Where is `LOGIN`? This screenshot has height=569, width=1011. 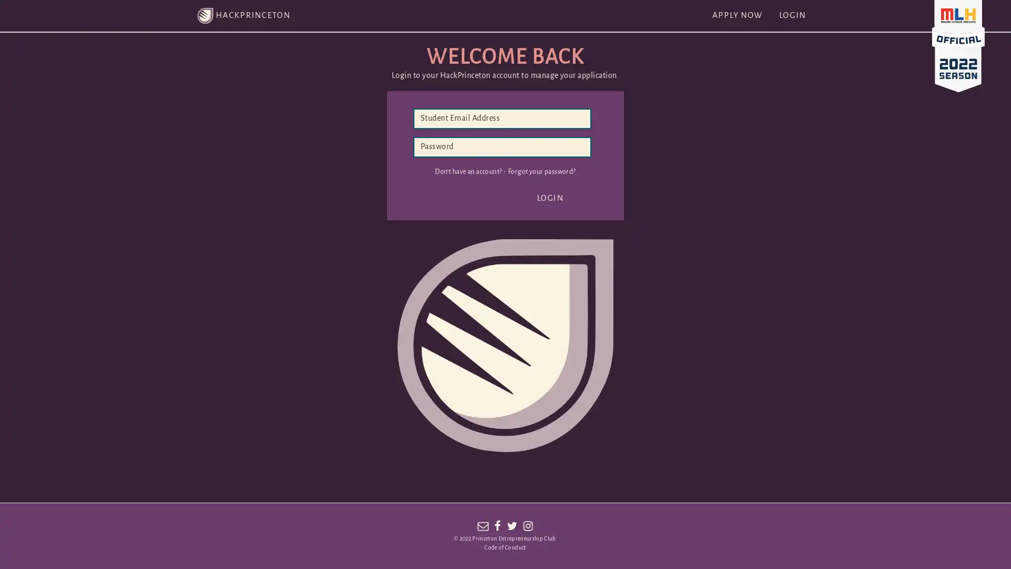
LOGIN is located at coordinates (550, 198).